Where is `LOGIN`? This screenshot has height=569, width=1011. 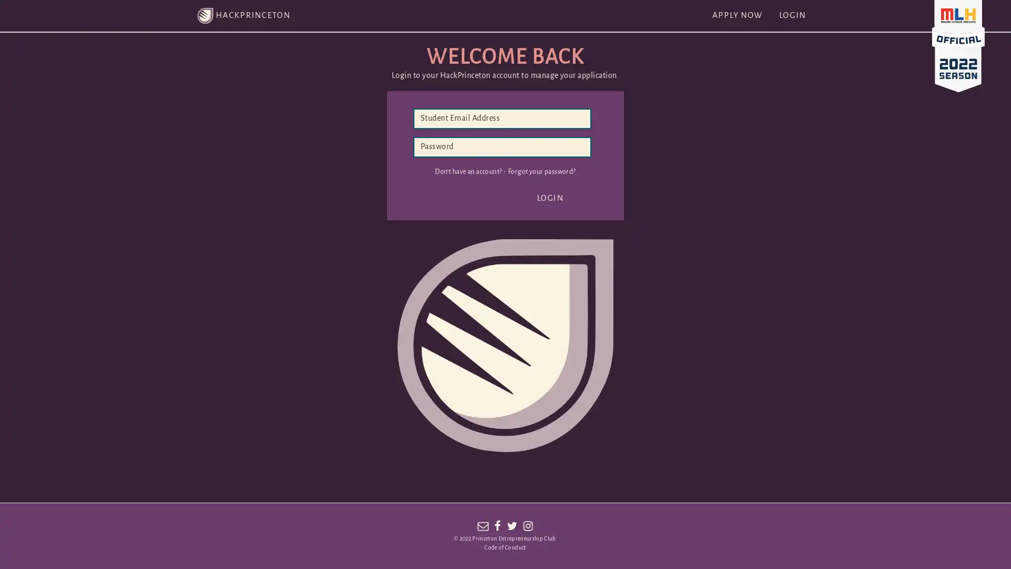
LOGIN is located at coordinates (550, 198).